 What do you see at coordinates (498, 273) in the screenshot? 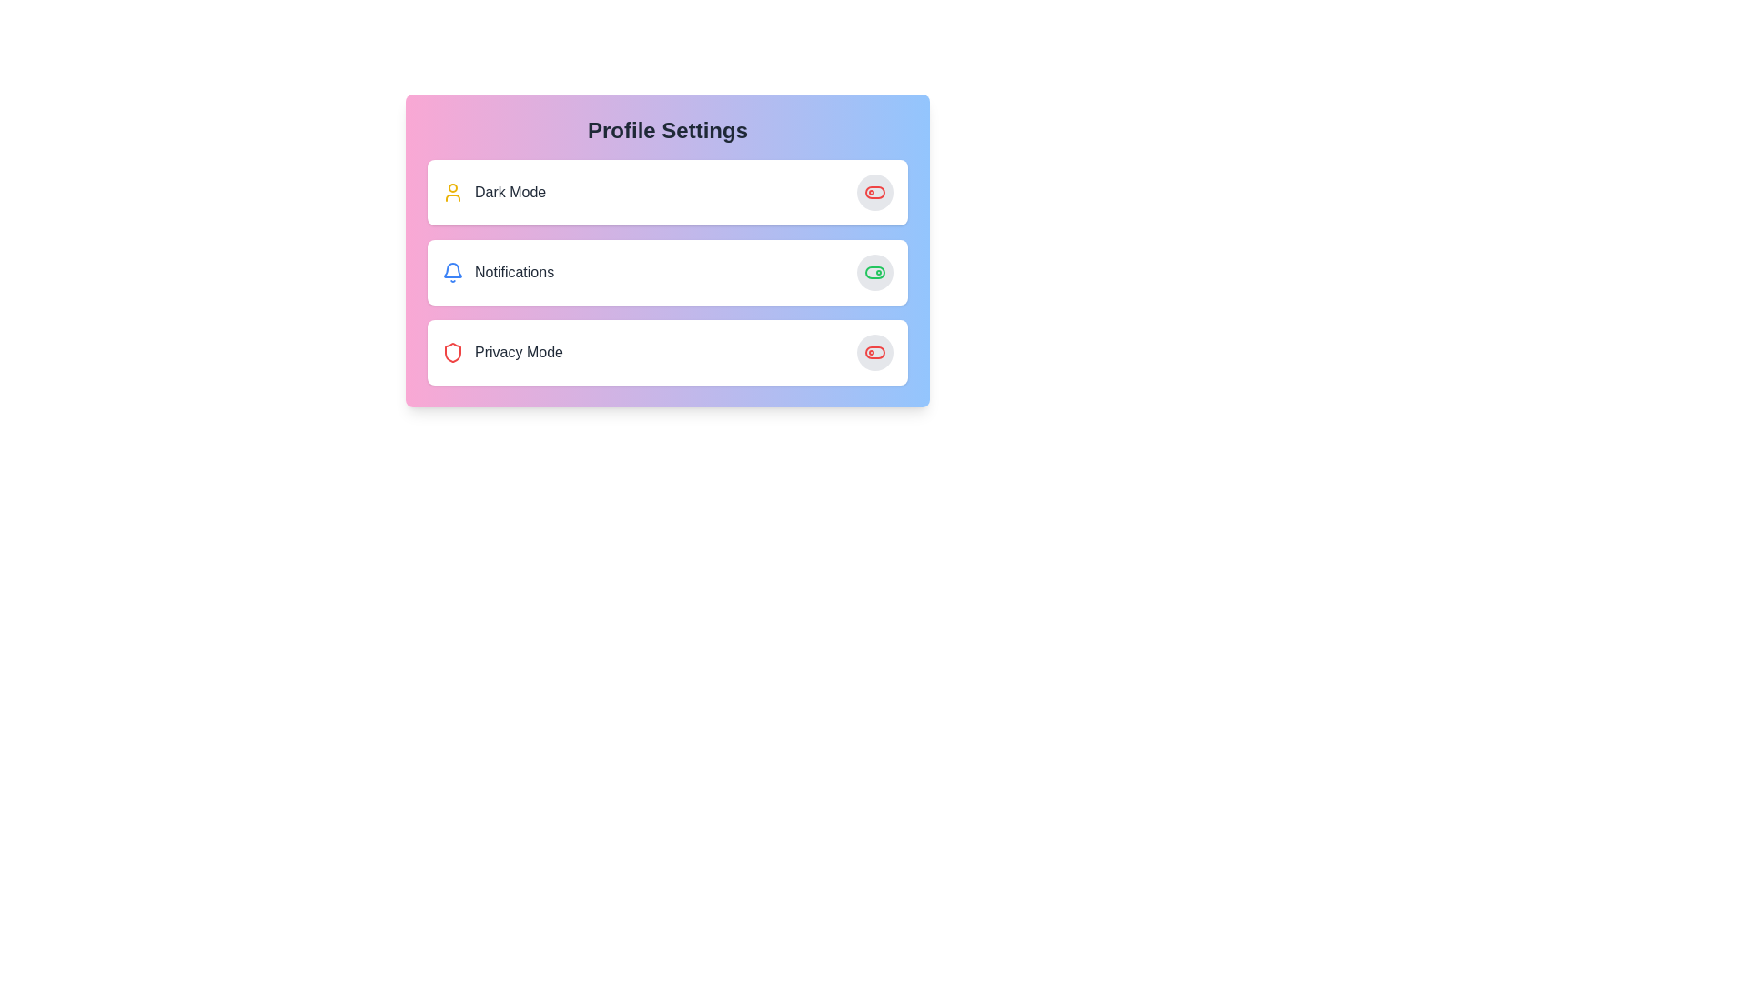
I see `the 'notifications' list item, which features a blue bell icon and is located under 'Profile Settings', between 'Dark Mode' and 'Privacy Mode'` at bounding box center [498, 273].